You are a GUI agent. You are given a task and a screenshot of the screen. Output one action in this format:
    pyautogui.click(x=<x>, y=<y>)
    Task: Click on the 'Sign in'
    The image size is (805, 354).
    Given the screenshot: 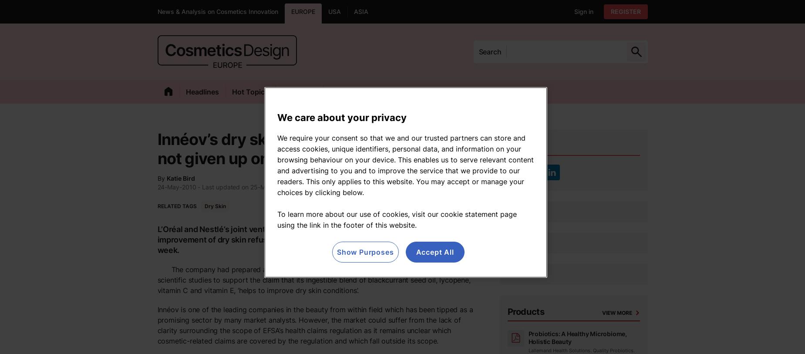 What is the action you would take?
    pyautogui.click(x=573, y=11)
    